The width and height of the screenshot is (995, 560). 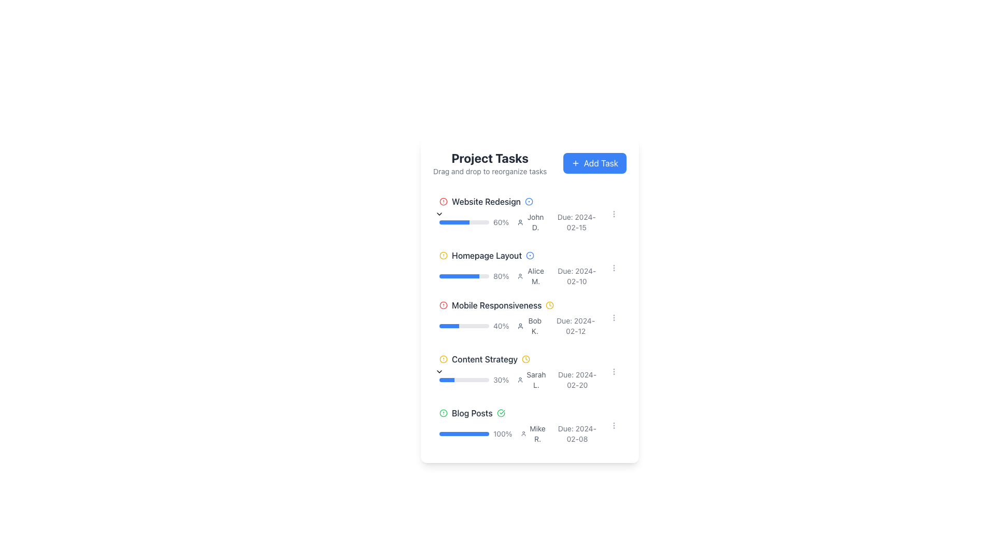 I want to click on the Toggle/Expand button, which is a small icon with a downward arrow next to a dot, located in the left portion of the 'Content Strategy' task row in the Project Tasks, so click(x=433, y=371).